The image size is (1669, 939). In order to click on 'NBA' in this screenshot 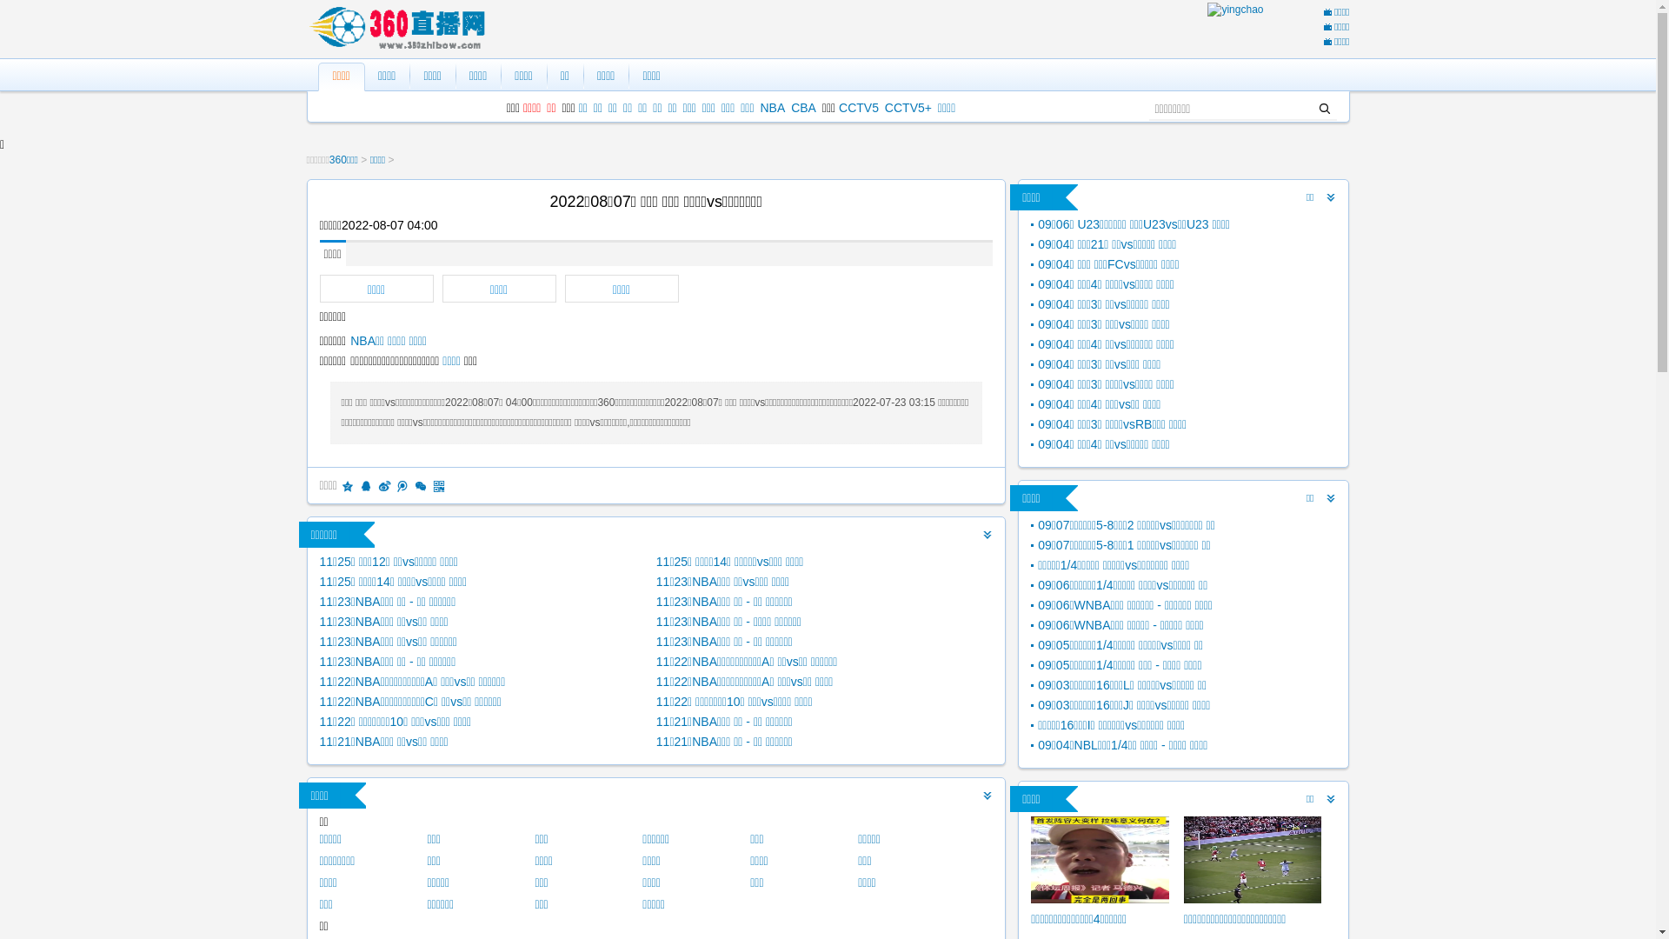, I will do `click(771, 107)`.